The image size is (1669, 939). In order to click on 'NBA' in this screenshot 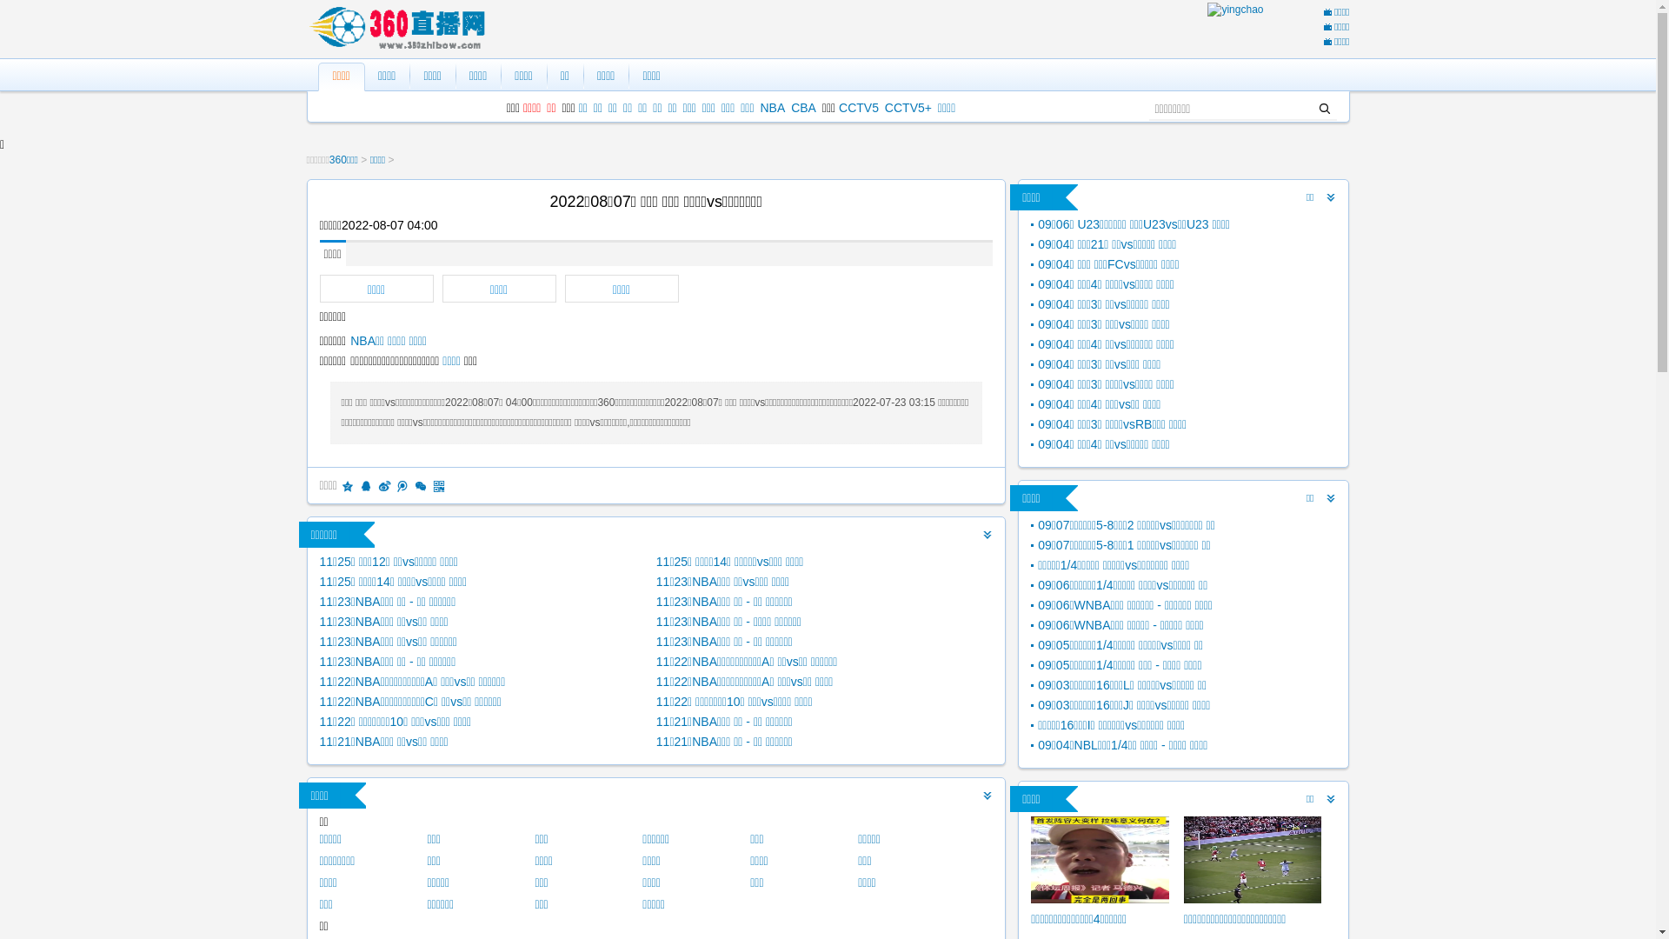, I will do `click(771, 107)`.